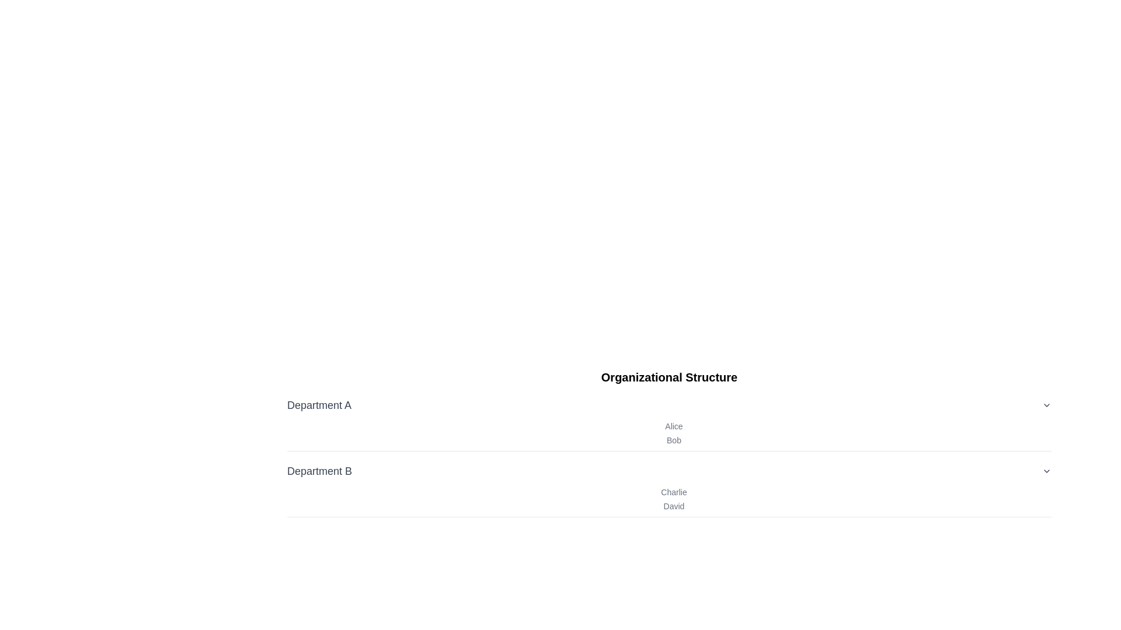  What do you see at coordinates (669, 377) in the screenshot?
I see `the Header Text that indicates the overarching theme or topic of the section, which is the structure of an organization` at bounding box center [669, 377].